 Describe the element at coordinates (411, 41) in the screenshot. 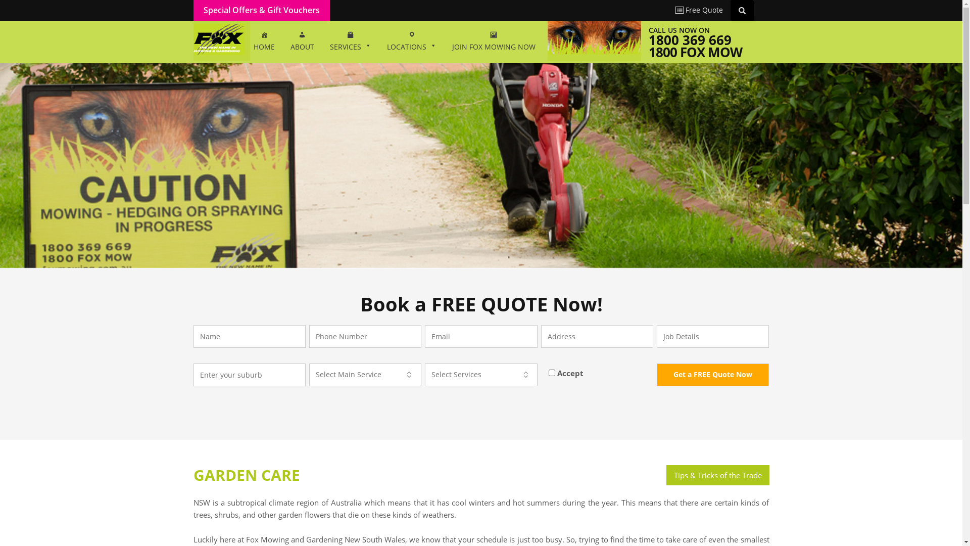

I see `'LOCATIONS'` at that location.